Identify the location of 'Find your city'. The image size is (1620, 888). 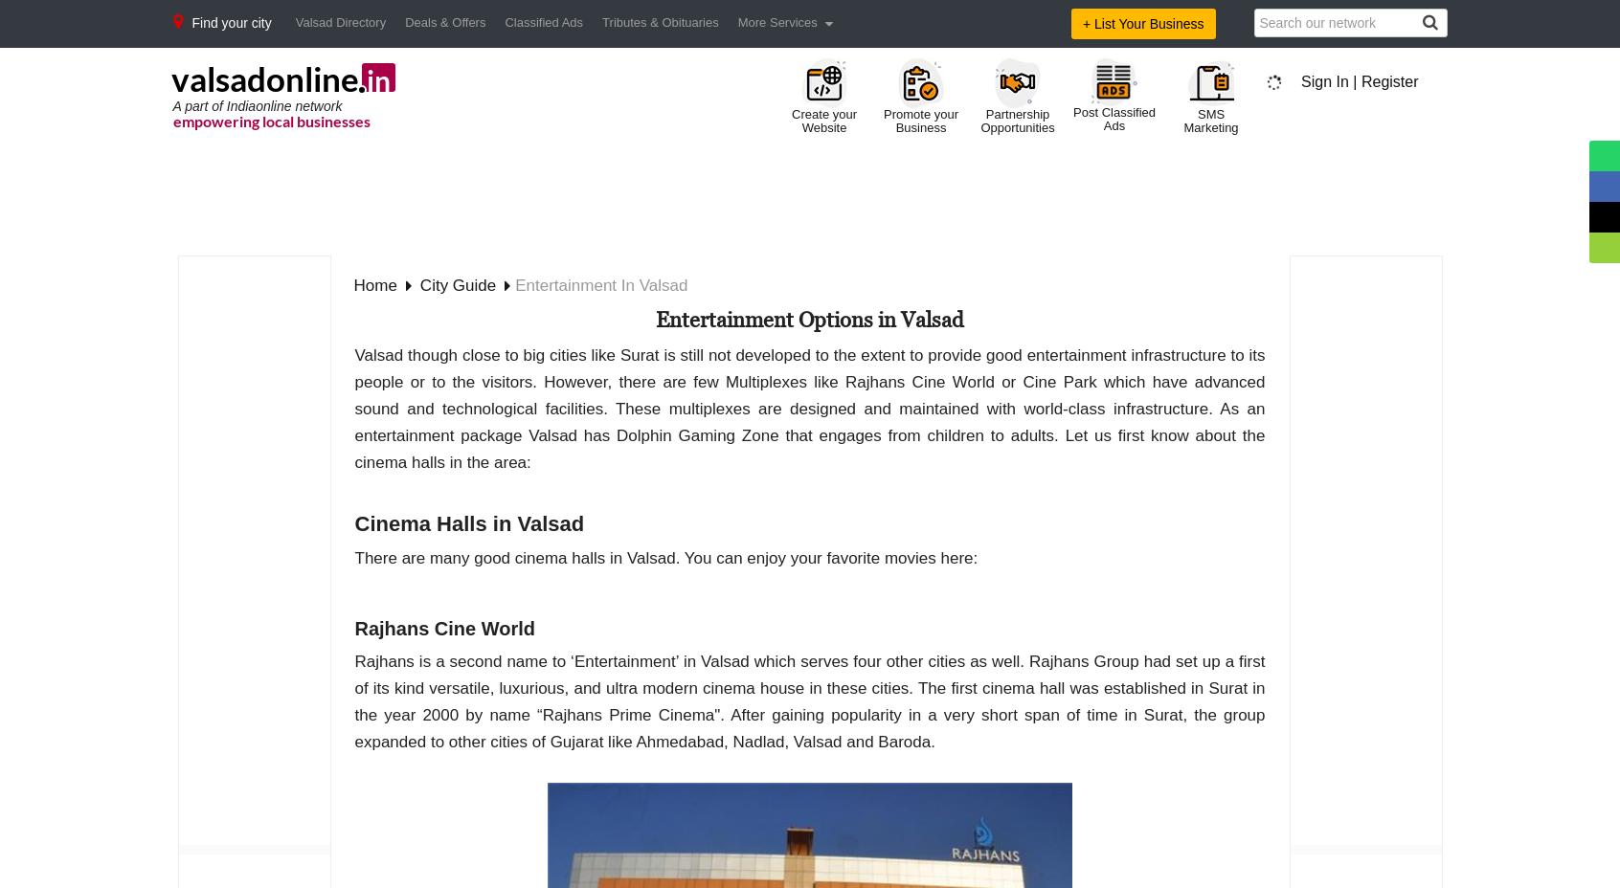
(231, 22).